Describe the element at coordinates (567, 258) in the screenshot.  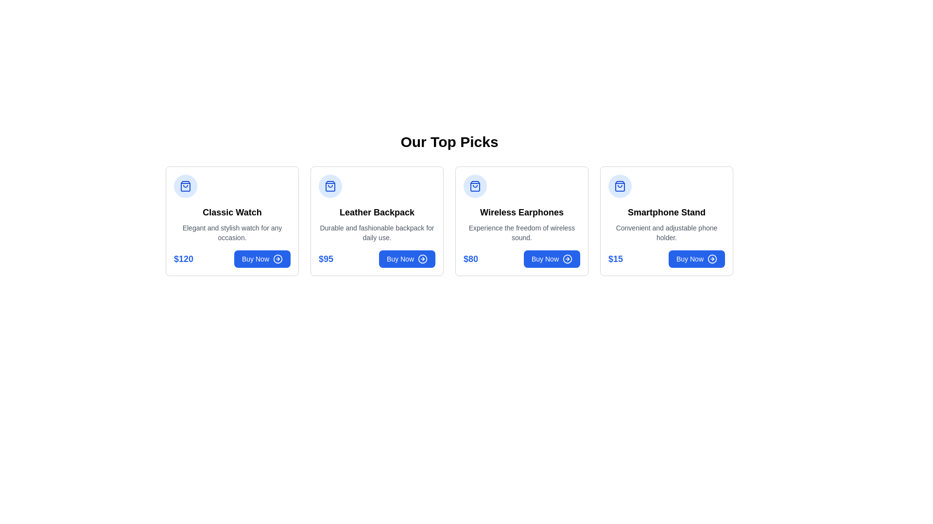
I see `the circular indicator within the icon of the 'Wireless Earphones' product card, which is located at the center-right of the card` at that location.